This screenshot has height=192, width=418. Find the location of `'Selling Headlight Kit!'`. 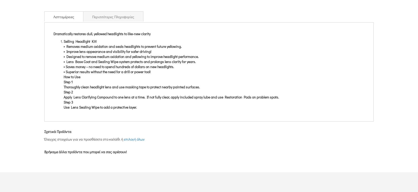

'Selling Headlight Kit!' is located at coordinates (80, 41).